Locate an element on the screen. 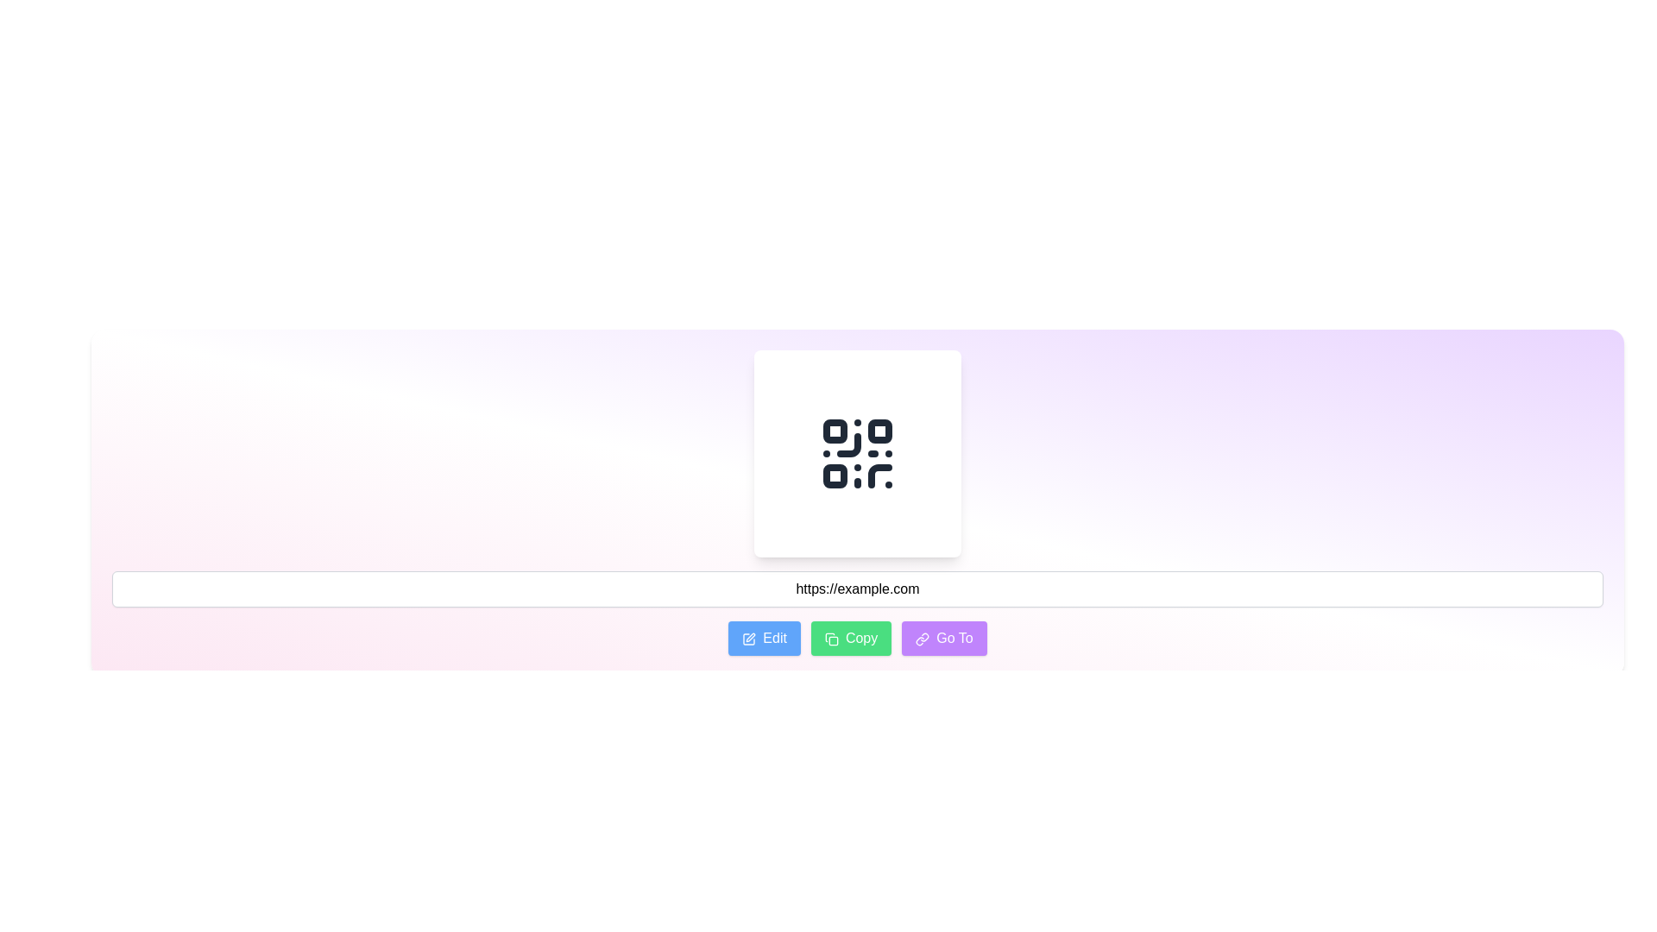 The width and height of the screenshot is (1657, 932). the top-left rectangle of the QR code, which is a part of the QR code representation displayed on the interface is located at coordinates (835, 431).